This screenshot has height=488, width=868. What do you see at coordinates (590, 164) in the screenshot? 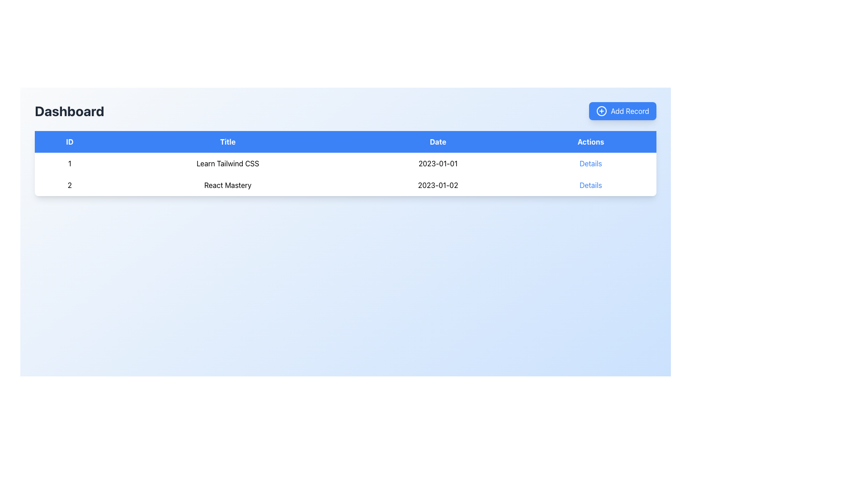
I see `the second 'Details' link in the 'Actions' column of the second row in the data table` at bounding box center [590, 164].